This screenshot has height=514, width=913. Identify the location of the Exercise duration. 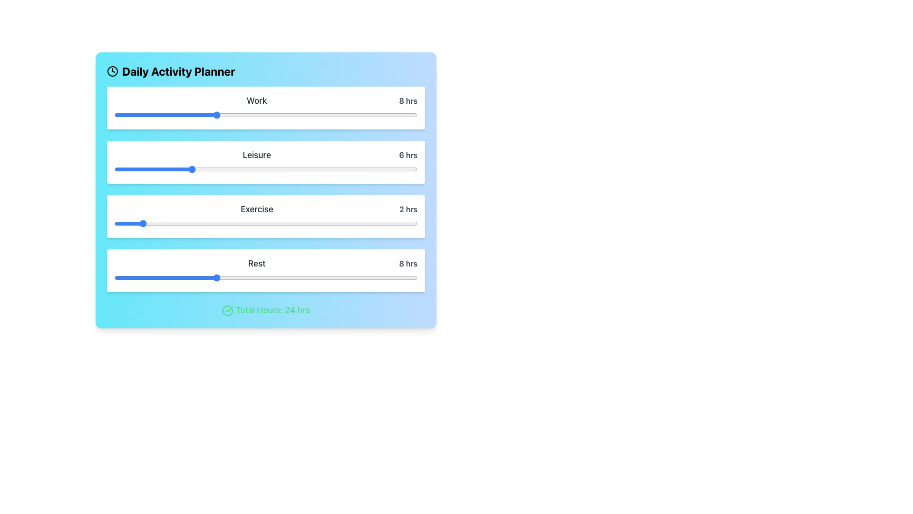
(341, 224).